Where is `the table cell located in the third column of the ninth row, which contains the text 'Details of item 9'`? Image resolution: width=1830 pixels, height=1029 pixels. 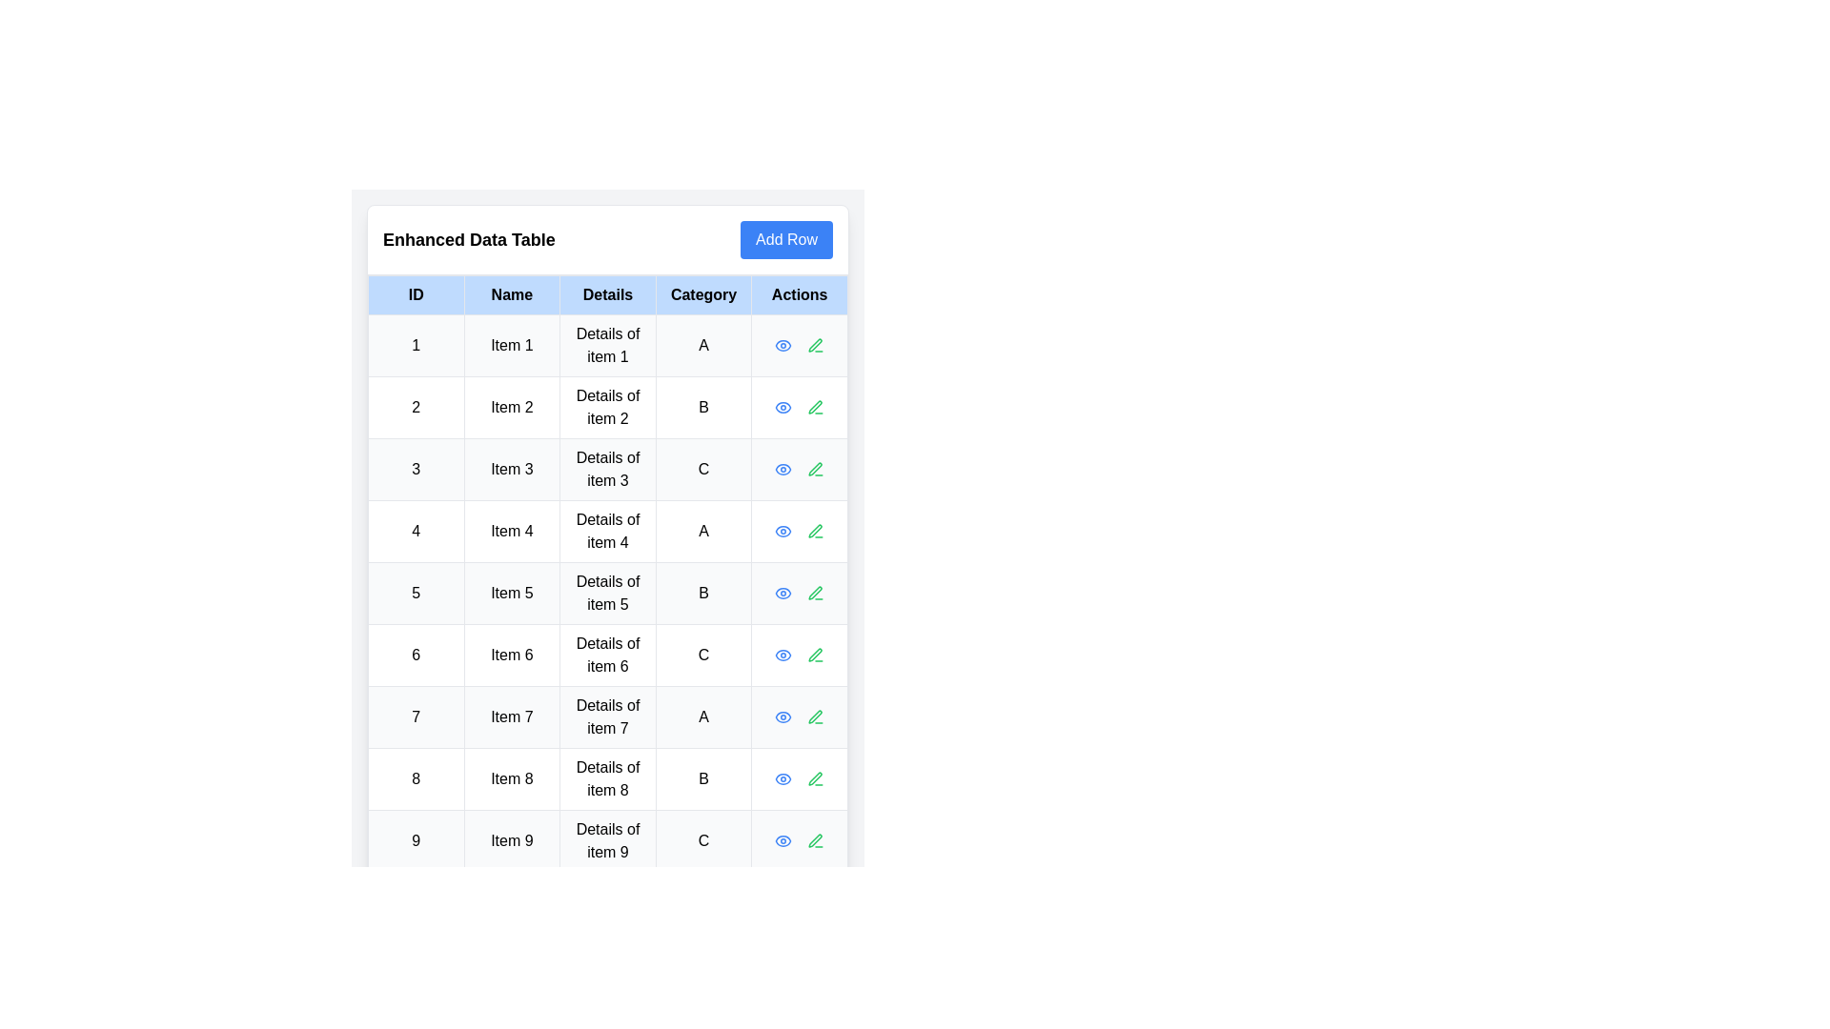
the table cell located in the third column of the ninth row, which contains the text 'Details of item 9' is located at coordinates (607, 840).